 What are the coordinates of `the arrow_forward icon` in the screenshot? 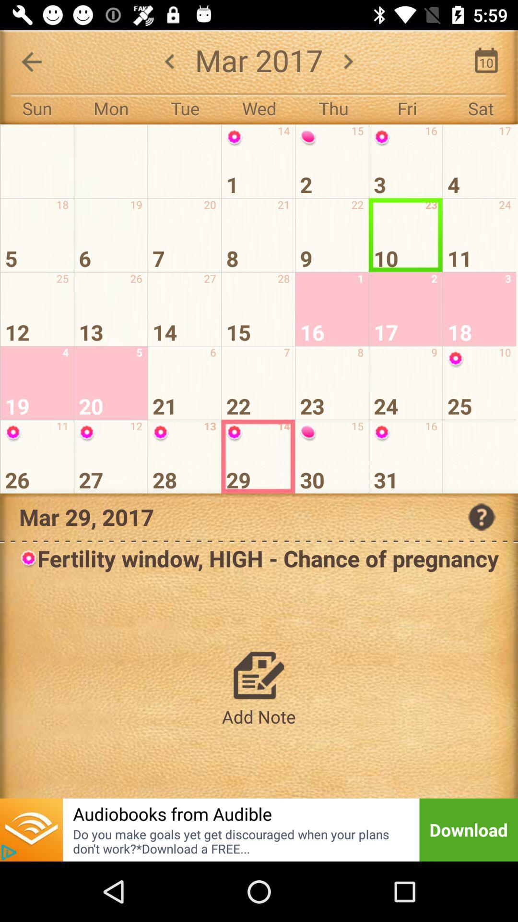 It's located at (348, 61).